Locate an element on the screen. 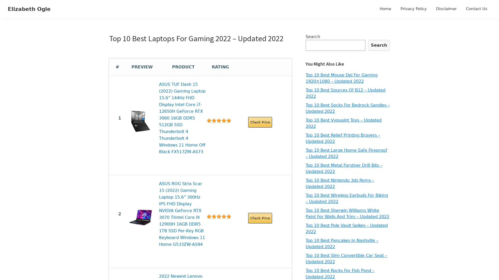  Search is located at coordinates (379, 45).